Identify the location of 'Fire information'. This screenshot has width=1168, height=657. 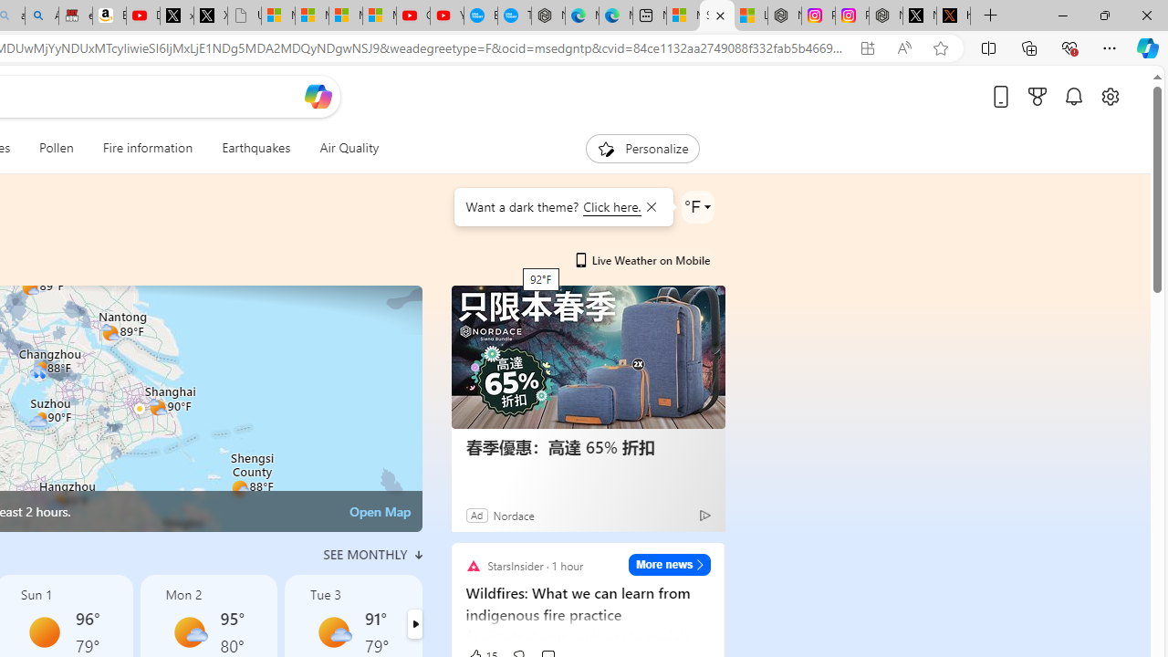
(147, 148).